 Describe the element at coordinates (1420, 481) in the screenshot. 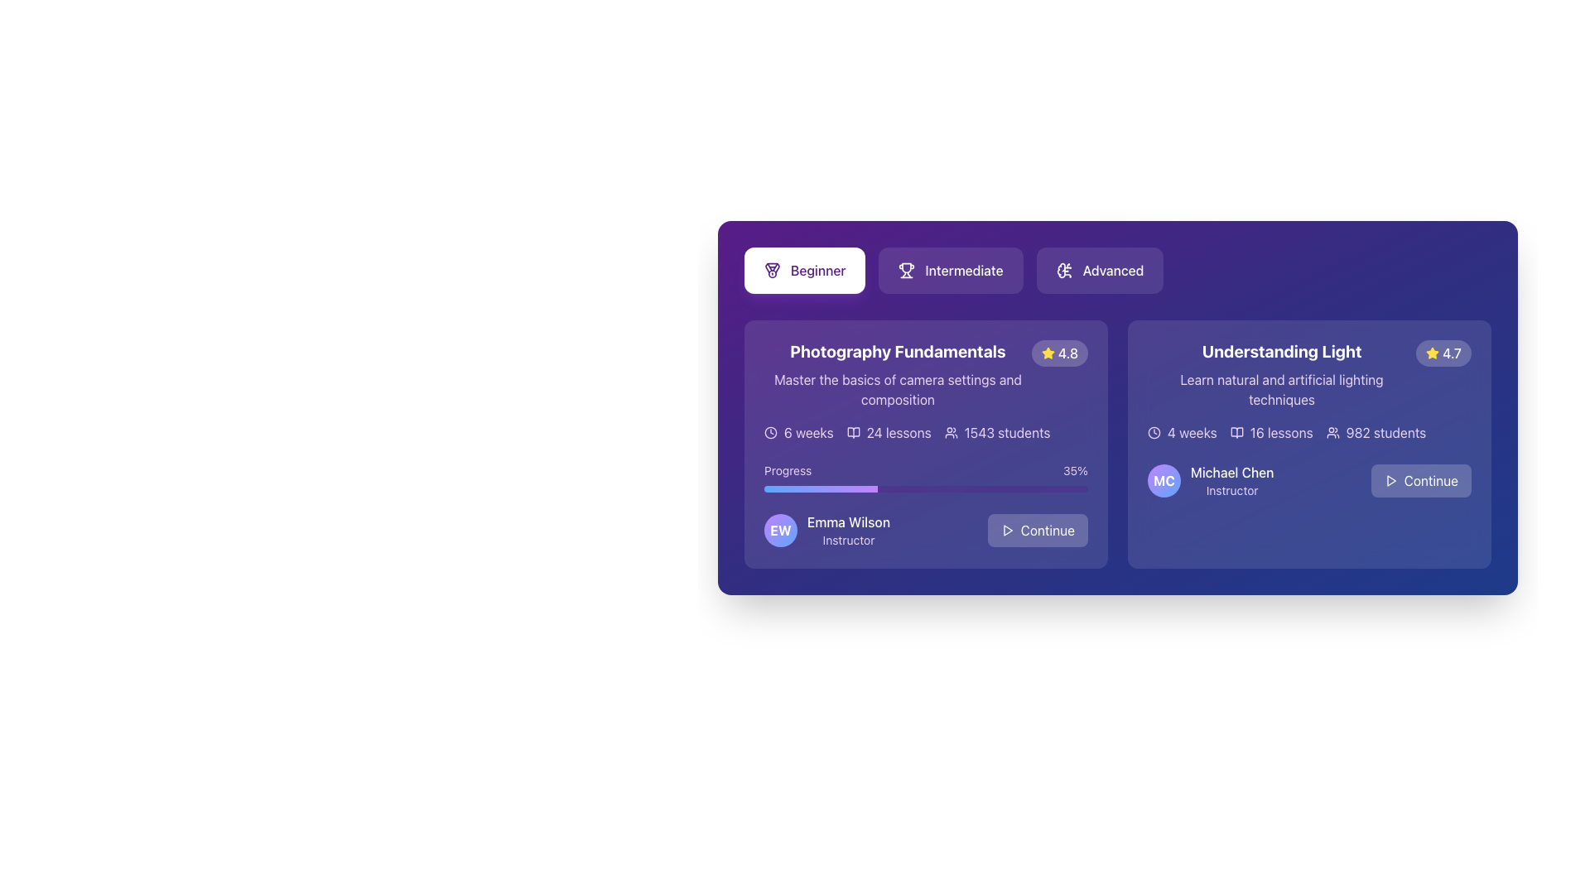

I see `the continuation button located at the bottom-right of the card for 'Understanding Light' associated with 'Michael Chen' to potentially reveal additional visual feedback` at that location.